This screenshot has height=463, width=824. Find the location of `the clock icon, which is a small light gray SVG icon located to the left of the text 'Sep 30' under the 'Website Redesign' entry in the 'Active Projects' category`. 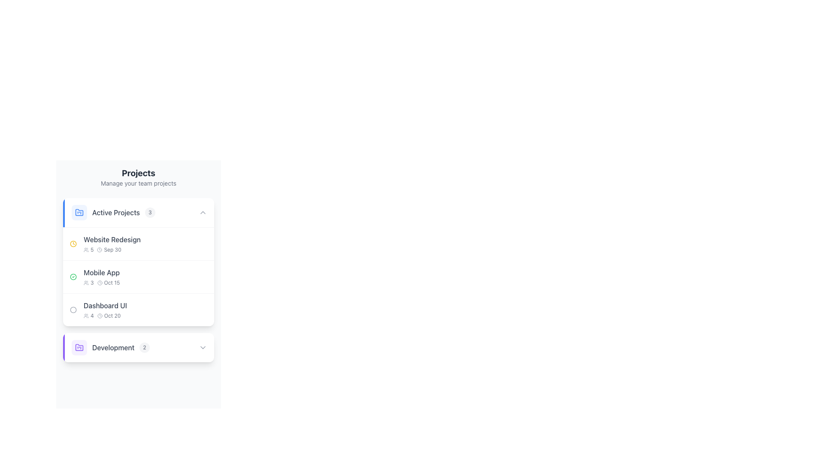

the clock icon, which is a small light gray SVG icon located to the left of the text 'Sep 30' under the 'Website Redesign' entry in the 'Active Projects' category is located at coordinates (100, 250).